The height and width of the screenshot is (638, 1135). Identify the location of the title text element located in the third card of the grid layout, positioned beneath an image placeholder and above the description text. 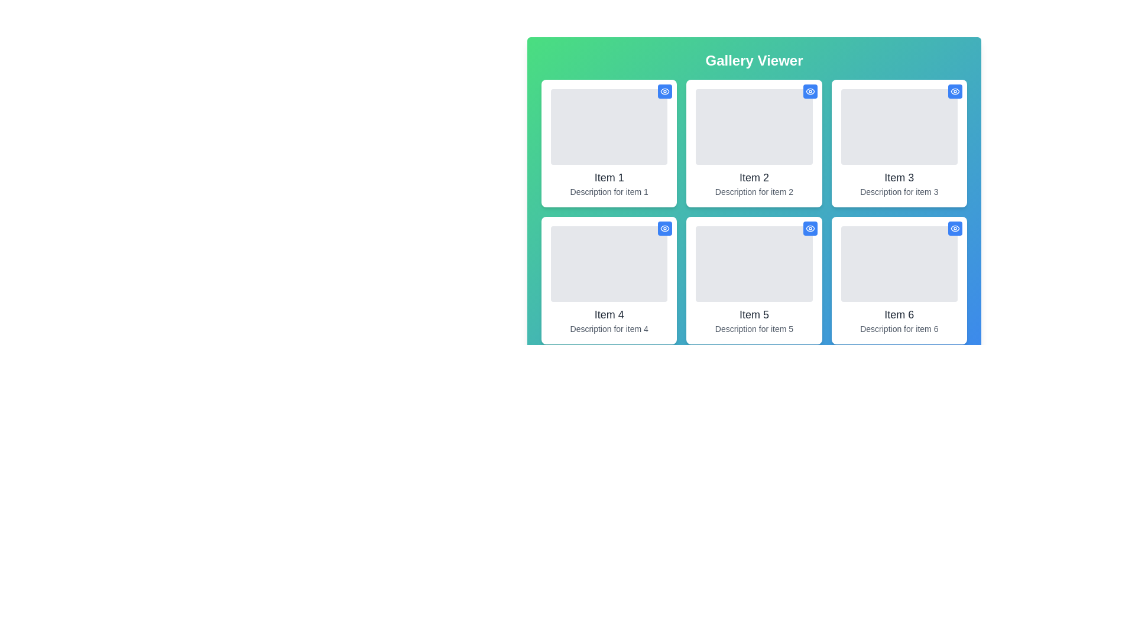
(899, 177).